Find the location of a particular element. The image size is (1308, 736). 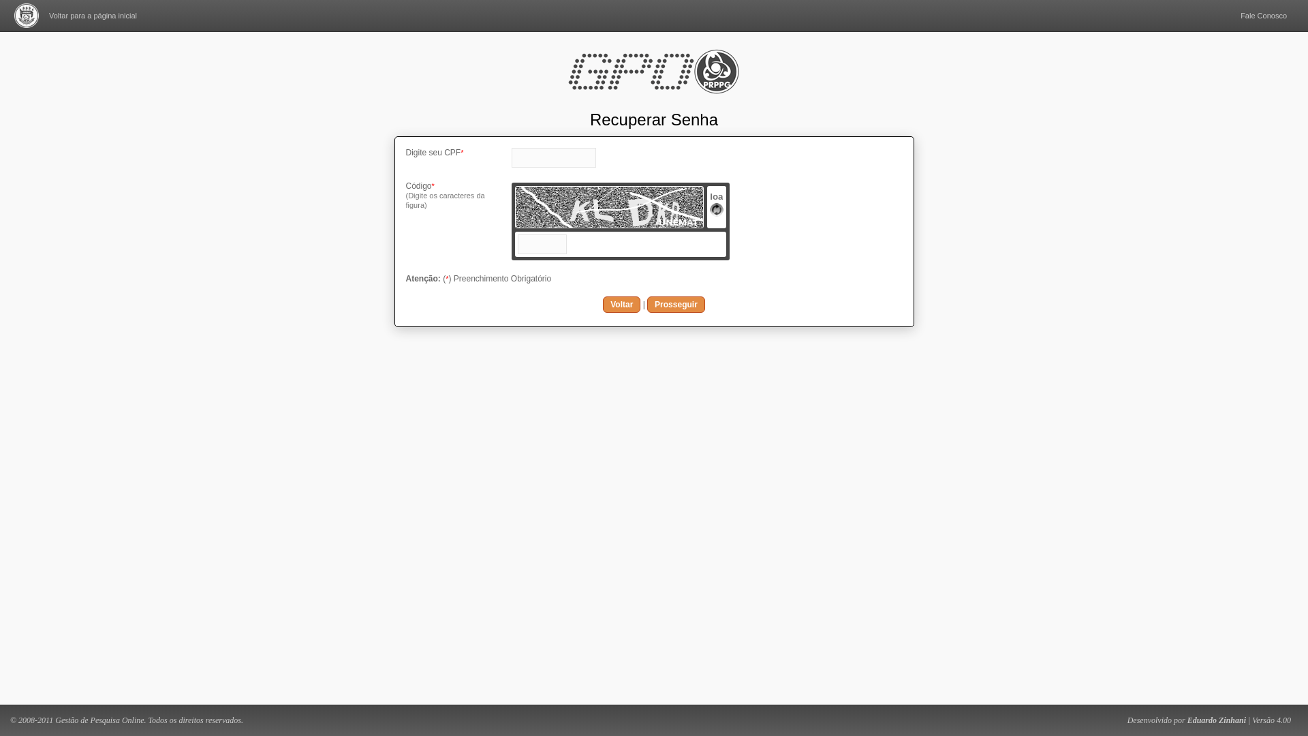

'Fale Conosco' is located at coordinates (1262, 16).